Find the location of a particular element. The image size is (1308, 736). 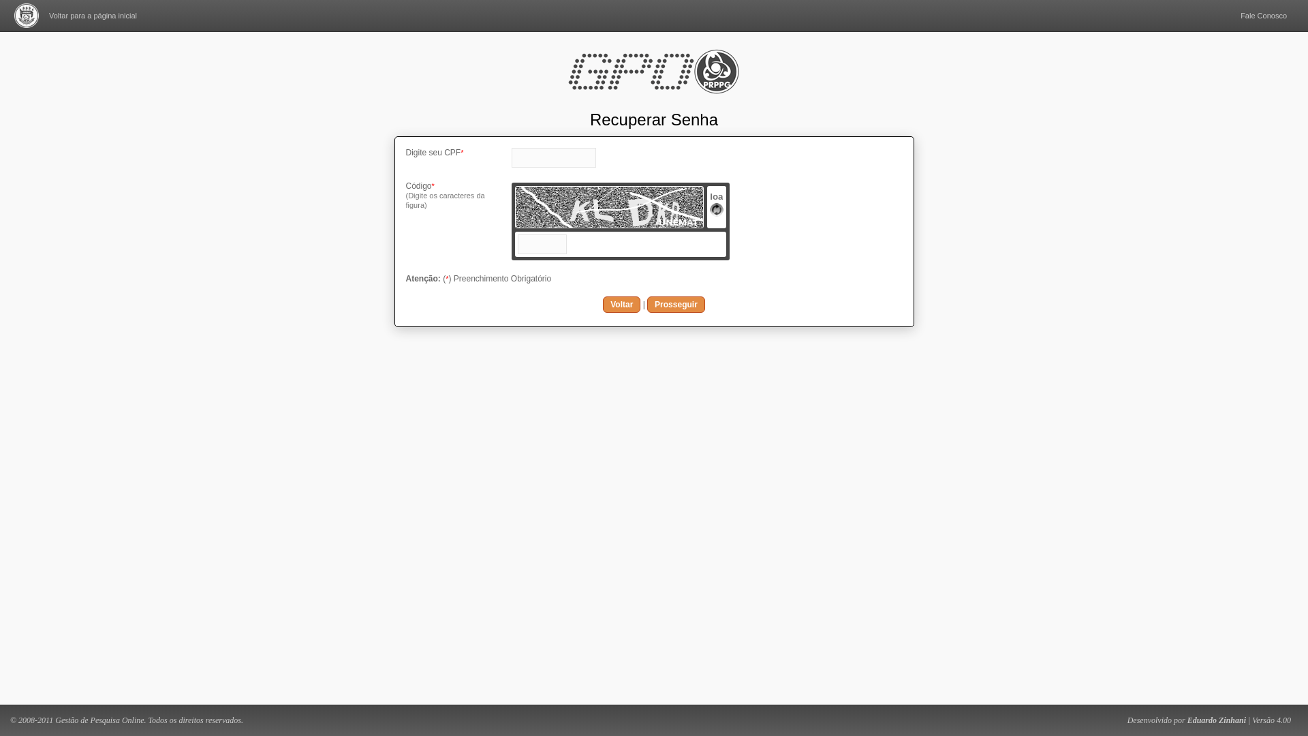

'Fale Conosco' is located at coordinates (1262, 16).